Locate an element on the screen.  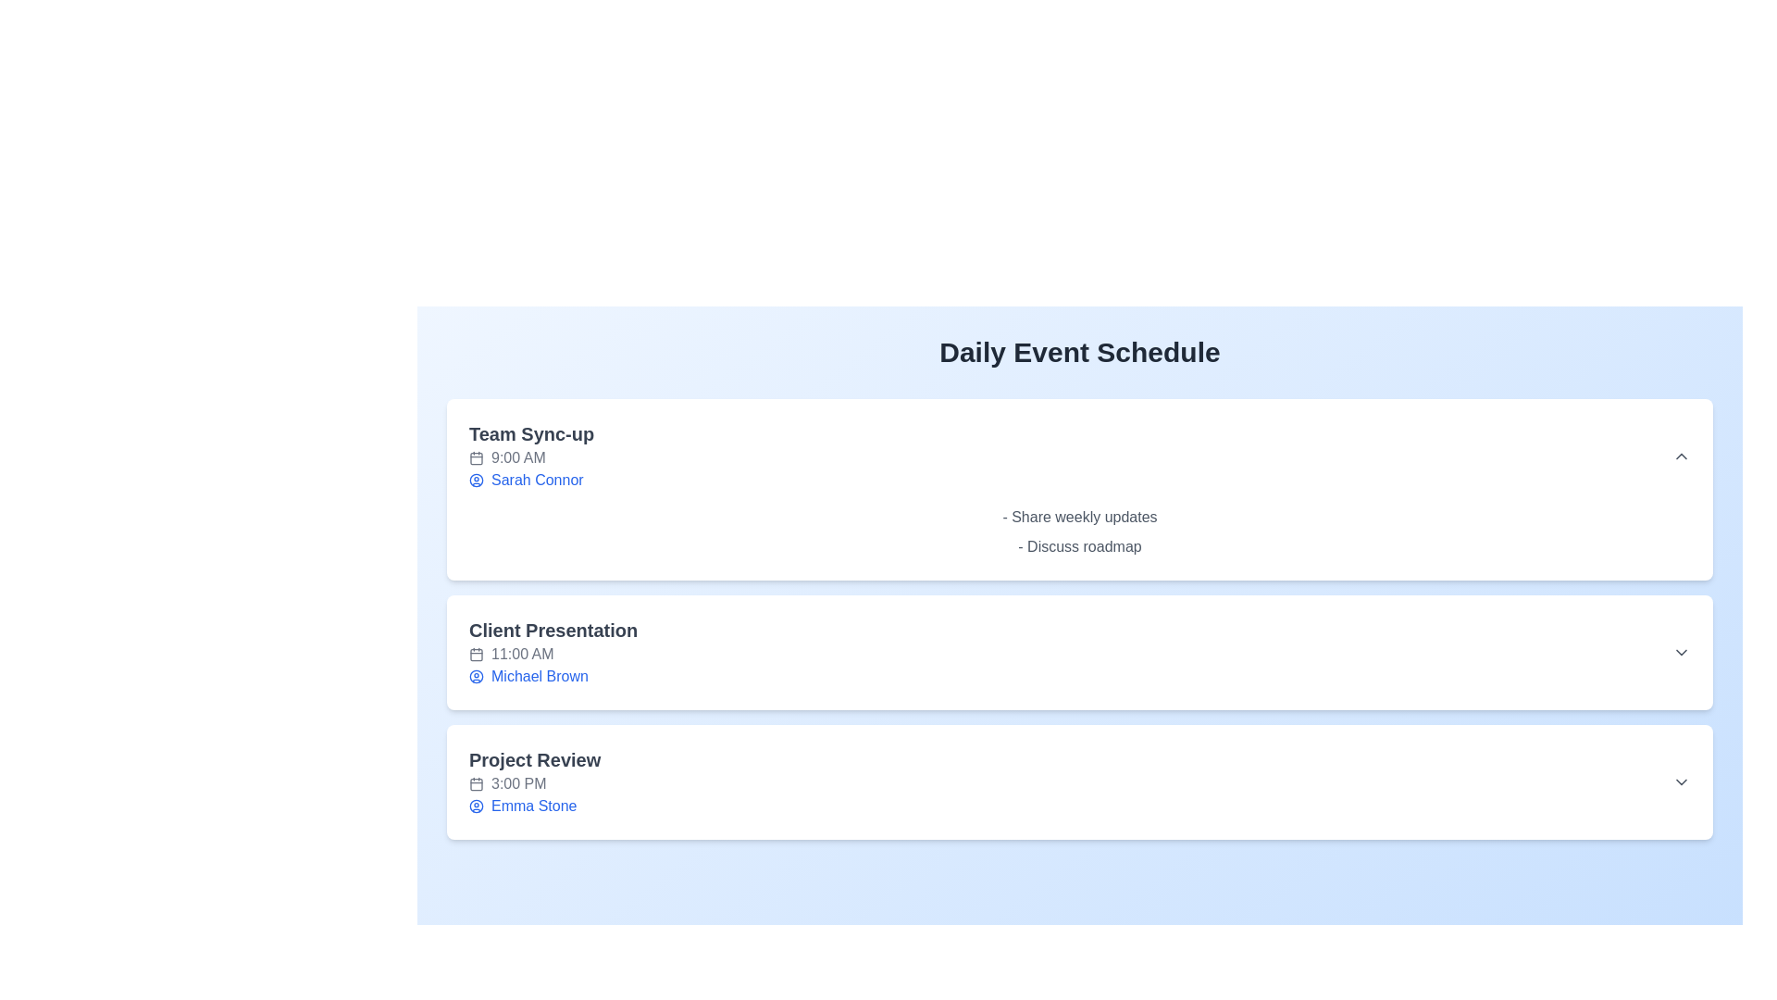
scheduled time displayed as '3:00 PM' for the event titled 'Project Review' located in the card layout section, positioned above 'Emma Stone' is located at coordinates (534, 784).